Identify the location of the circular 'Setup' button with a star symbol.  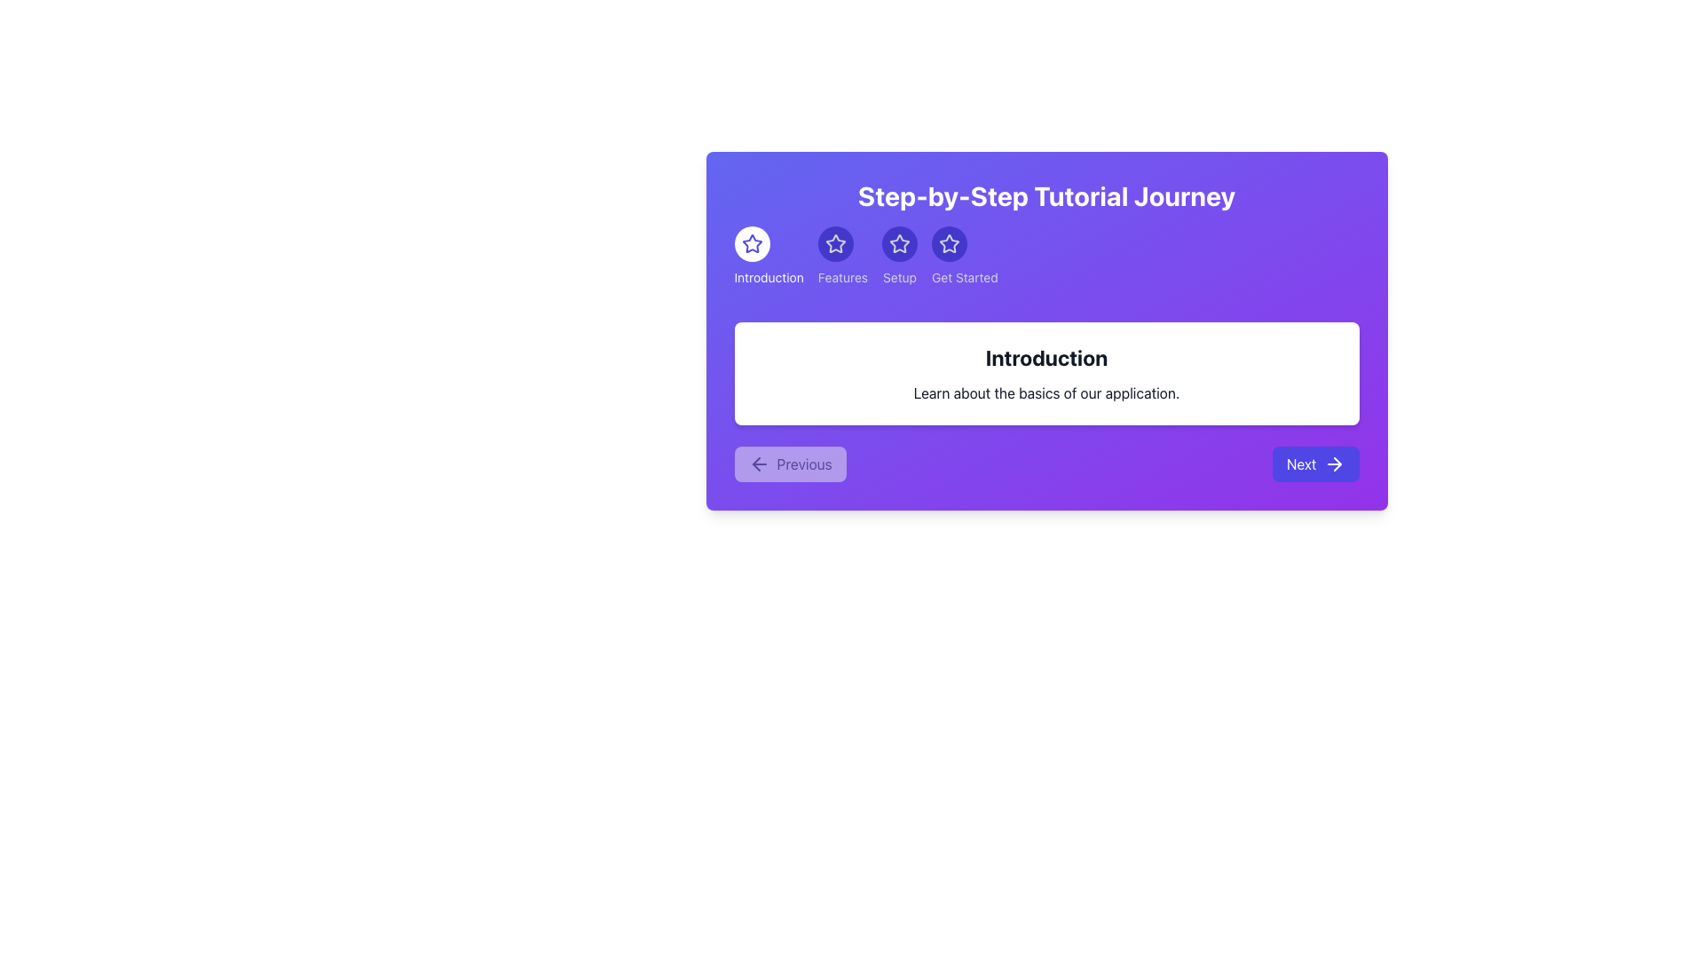
(900, 257).